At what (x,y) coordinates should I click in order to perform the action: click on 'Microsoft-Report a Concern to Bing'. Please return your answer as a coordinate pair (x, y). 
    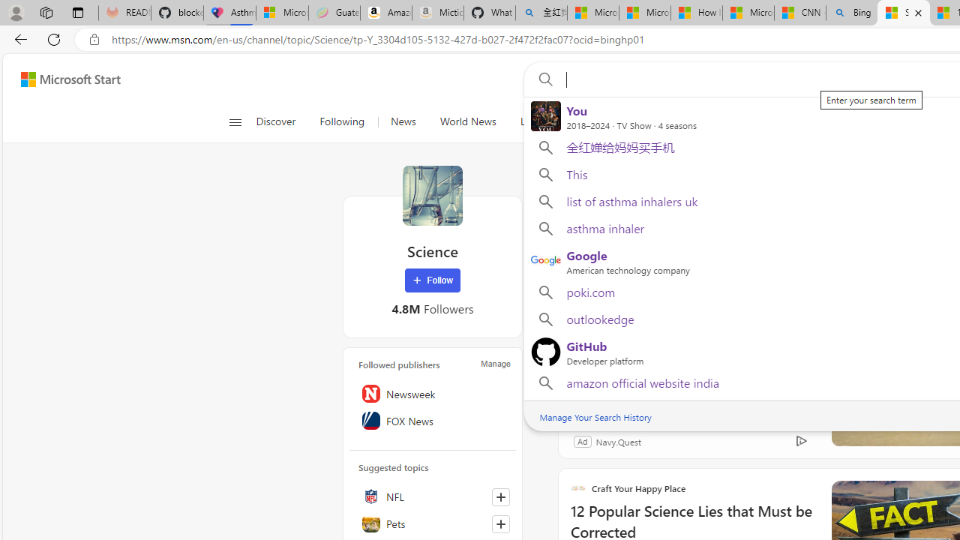
    Looking at the image, I should click on (282, 13).